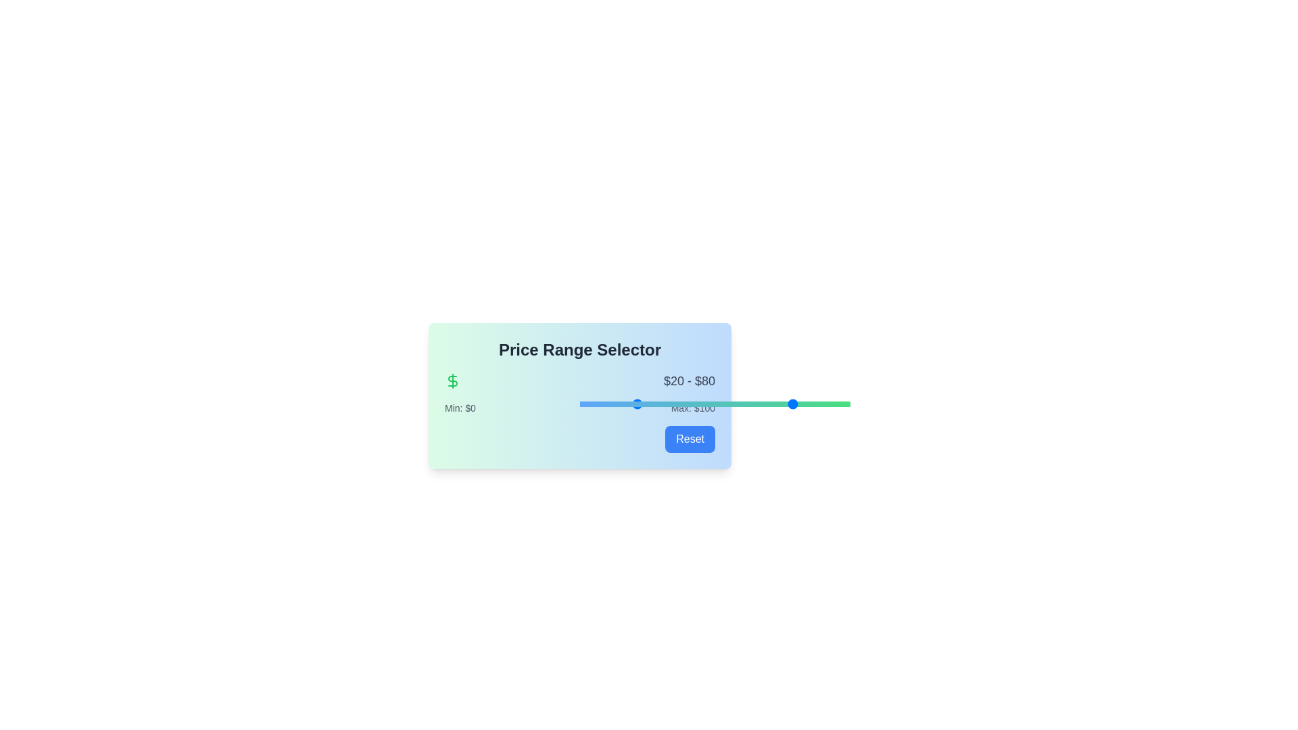 This screenshot has height=730, width=1298. Describe the element at coordinates (690, 439) in the screenshot. I see `the 'Reset' button with a blue background and white text located at the bottom-right corner of the price range selection card to reset the range selection` at that location.